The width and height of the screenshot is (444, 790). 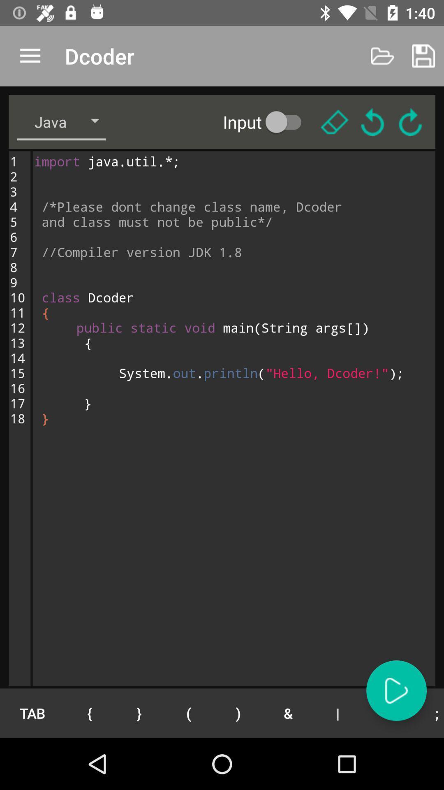 What do you see at coordinates (238, 713) in the screenshot?
I see `the item next to the ( button` at bounding box center [238, 713].